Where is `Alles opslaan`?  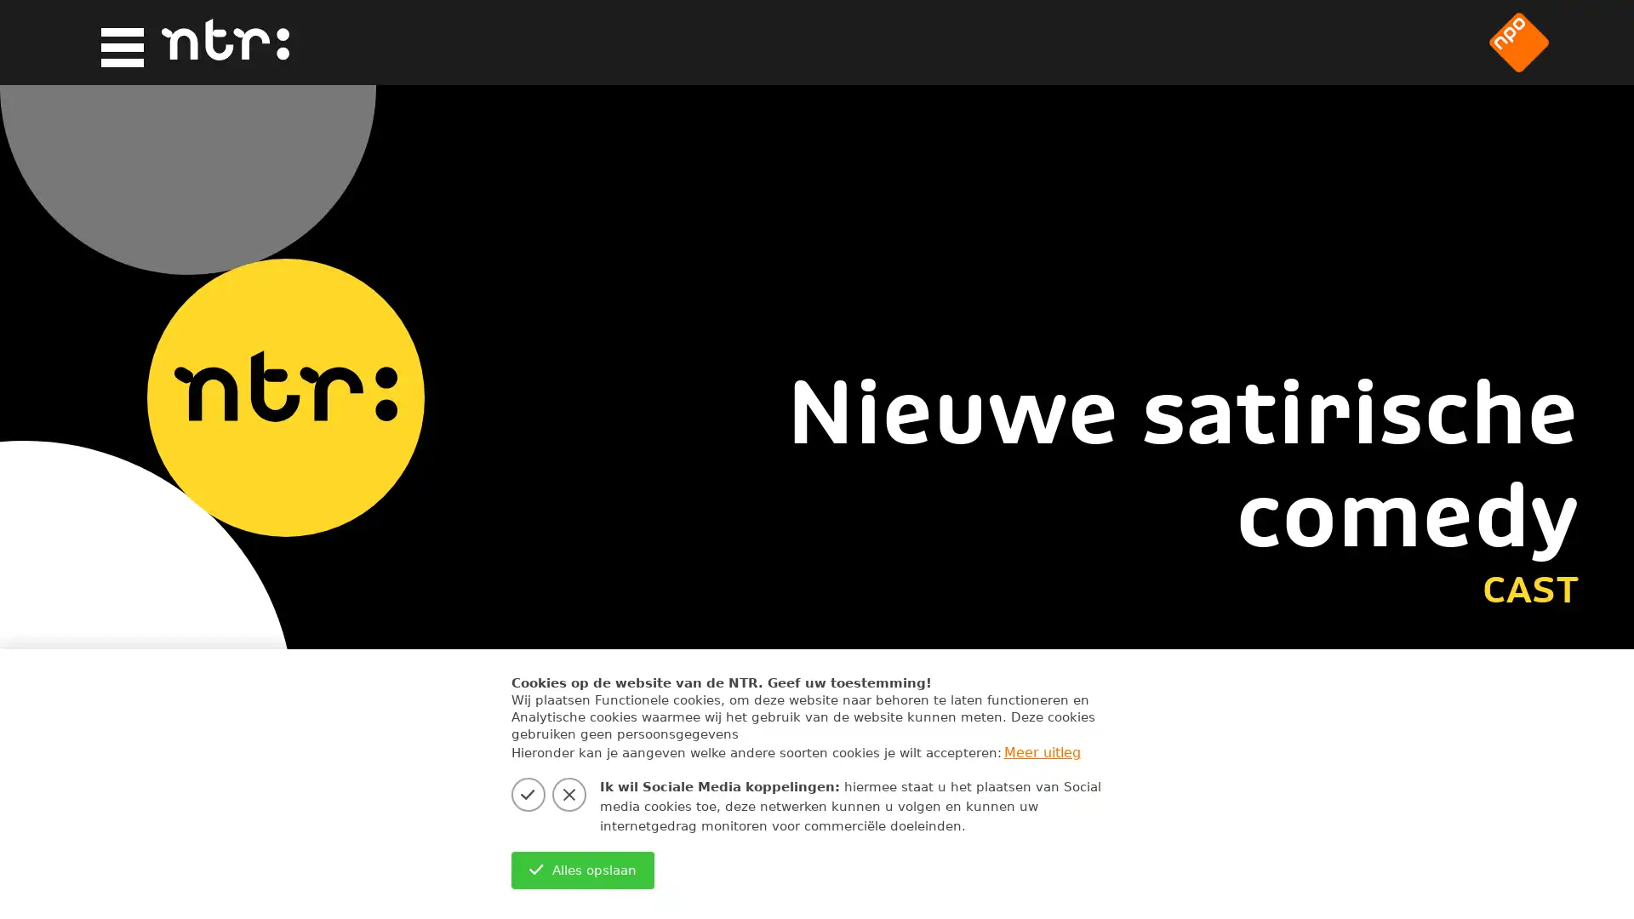
Alles opslaan is located at coordinates (582, 870).